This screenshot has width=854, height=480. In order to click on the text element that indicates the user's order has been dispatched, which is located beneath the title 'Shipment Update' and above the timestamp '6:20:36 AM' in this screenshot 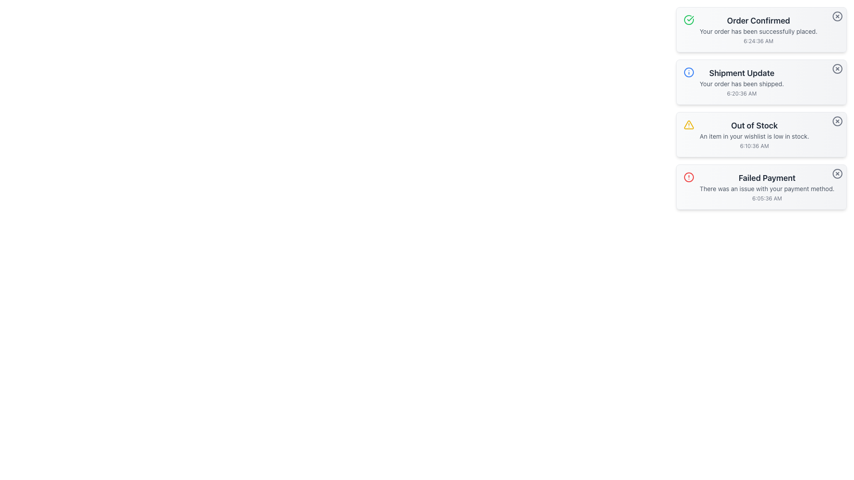, I will do `click(741, 84)`.